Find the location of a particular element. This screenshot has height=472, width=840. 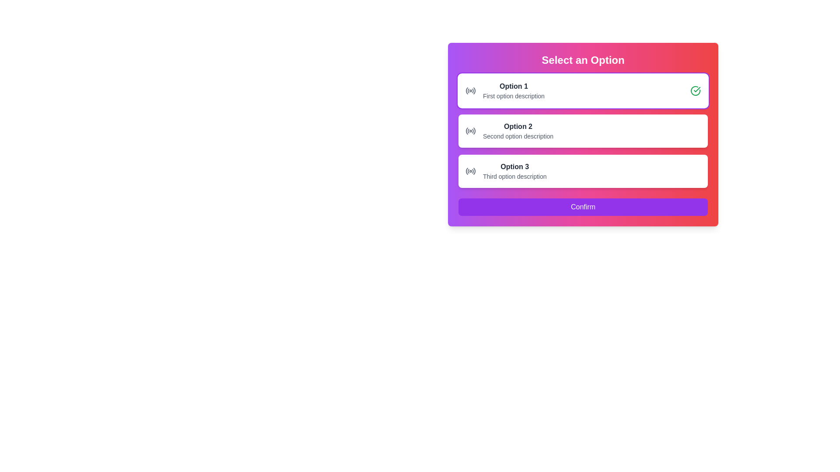

text of the label element that serves as the title for the first option in the selection list, positioned at the top of the card UI is located at coordinates (514, 86).